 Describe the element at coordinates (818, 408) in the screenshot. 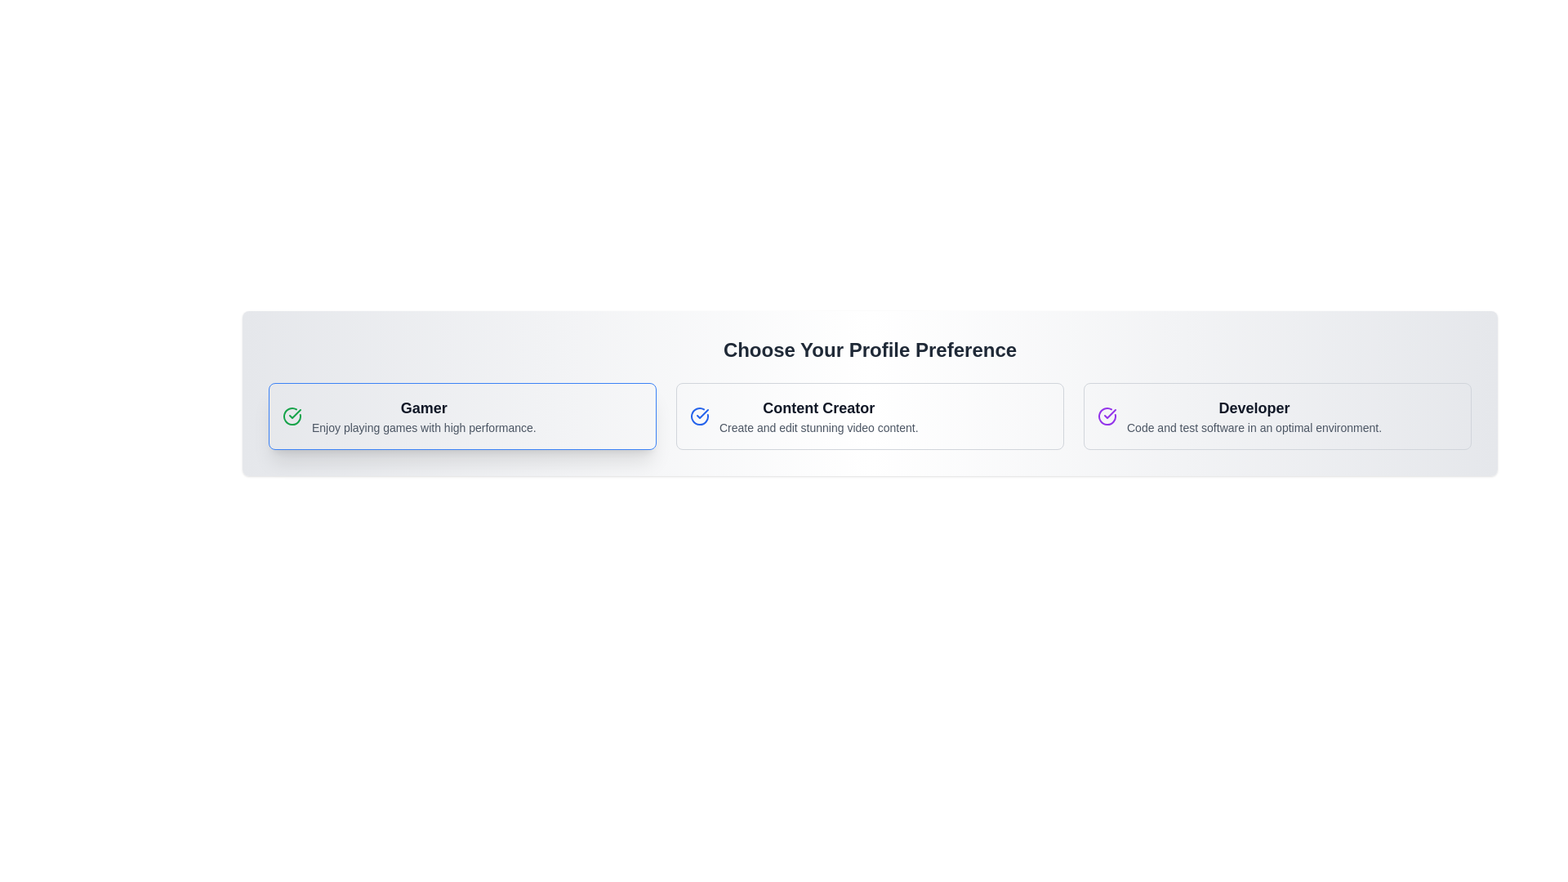

I see `the Text label that serves as the title for the 'Content Creator' profile option, positioned centrally between 'Gamer' and 'Developer' profile options` at that location.